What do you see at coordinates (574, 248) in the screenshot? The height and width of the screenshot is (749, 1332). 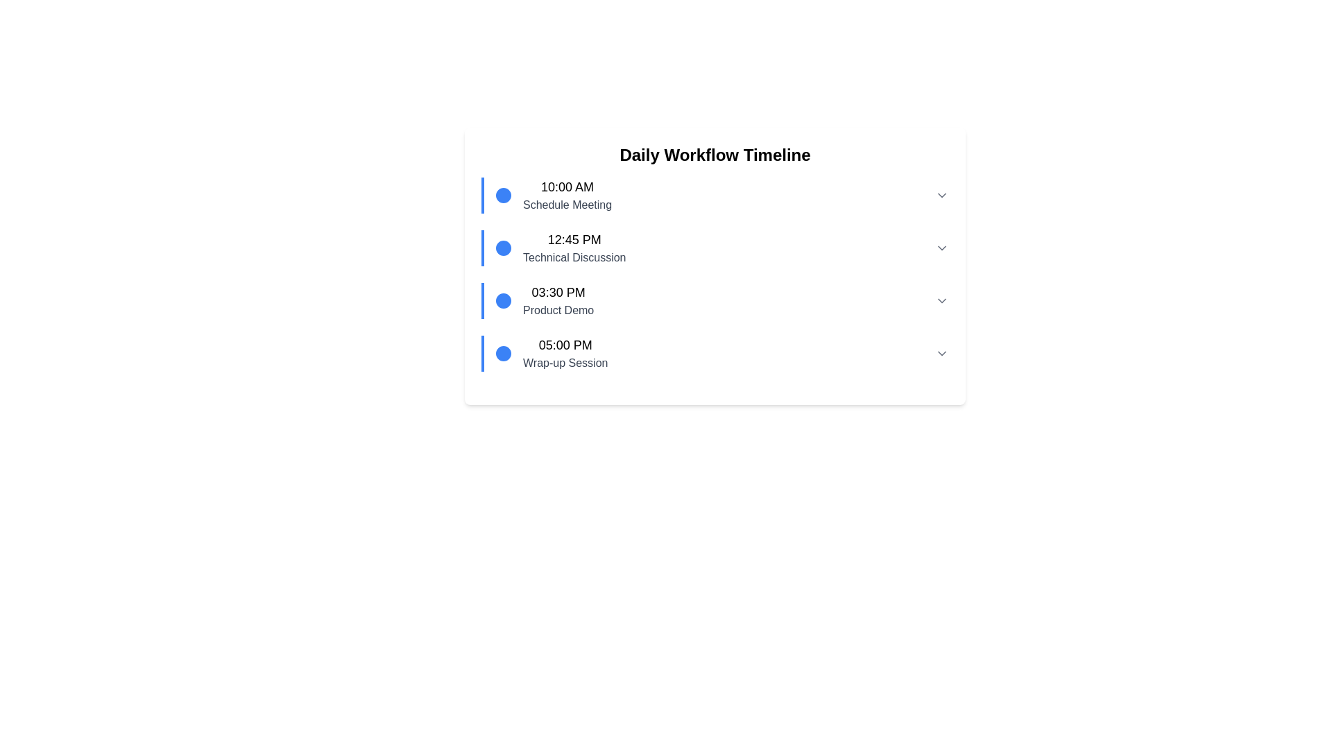 I see `the second list item representing a scheduled event, which includes a time slot and description, located centrally in the timeline layout` at bounding box center [574, 248].